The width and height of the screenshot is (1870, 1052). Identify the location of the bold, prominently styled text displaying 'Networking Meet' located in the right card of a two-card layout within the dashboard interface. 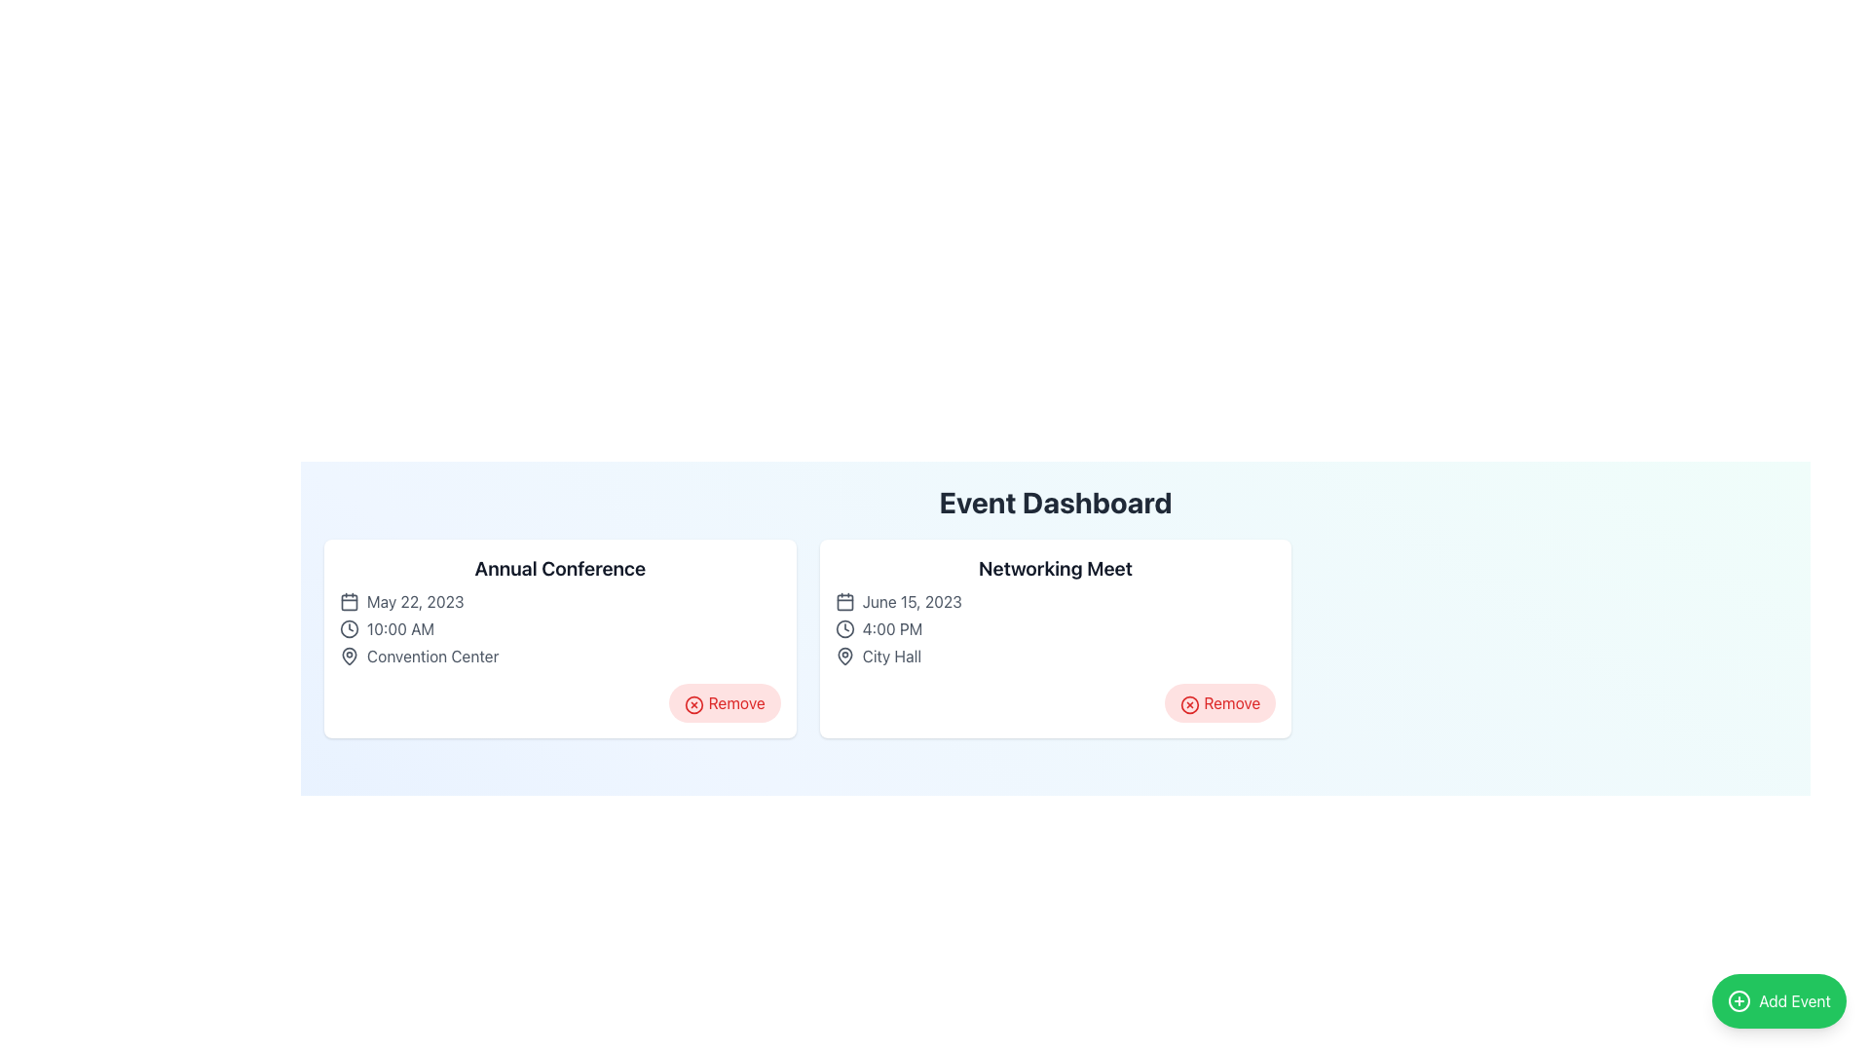
(1055, 568).